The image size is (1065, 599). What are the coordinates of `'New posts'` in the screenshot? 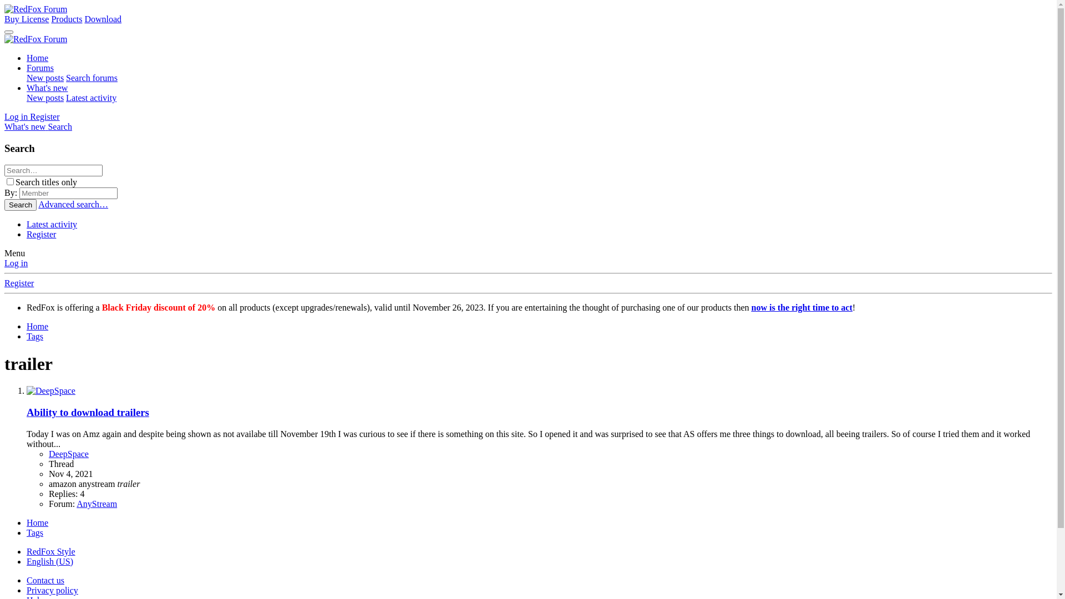 It's located at (27, 97).